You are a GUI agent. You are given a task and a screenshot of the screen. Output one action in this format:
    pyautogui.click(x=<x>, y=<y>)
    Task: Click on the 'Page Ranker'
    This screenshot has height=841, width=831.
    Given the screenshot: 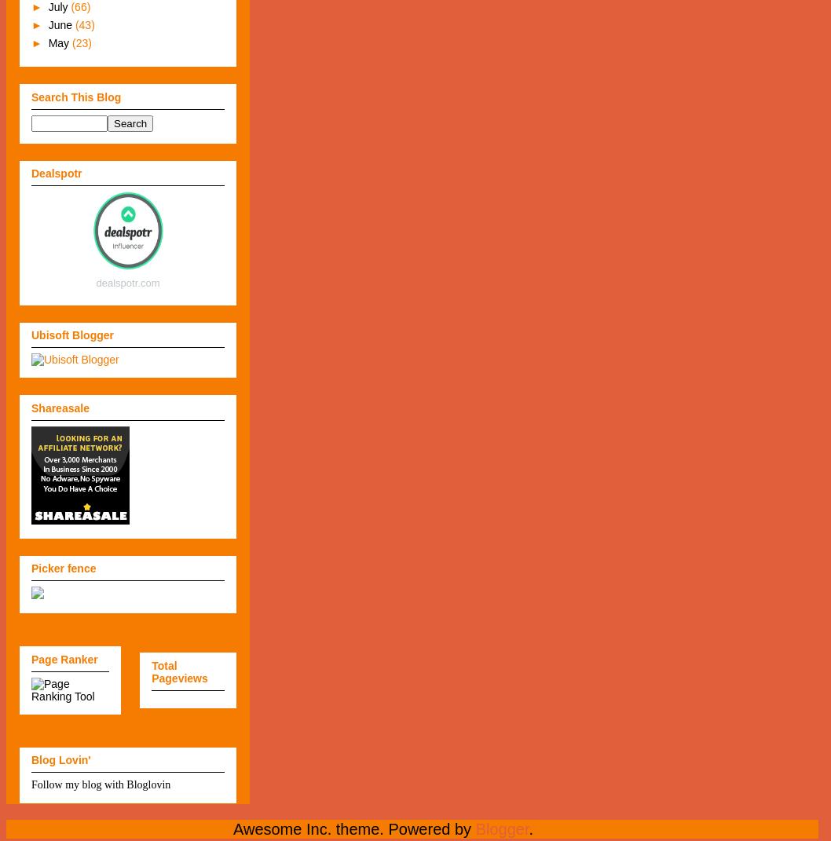 What is the action you would take?
    pyautogui.click(x=64, y=658)
    